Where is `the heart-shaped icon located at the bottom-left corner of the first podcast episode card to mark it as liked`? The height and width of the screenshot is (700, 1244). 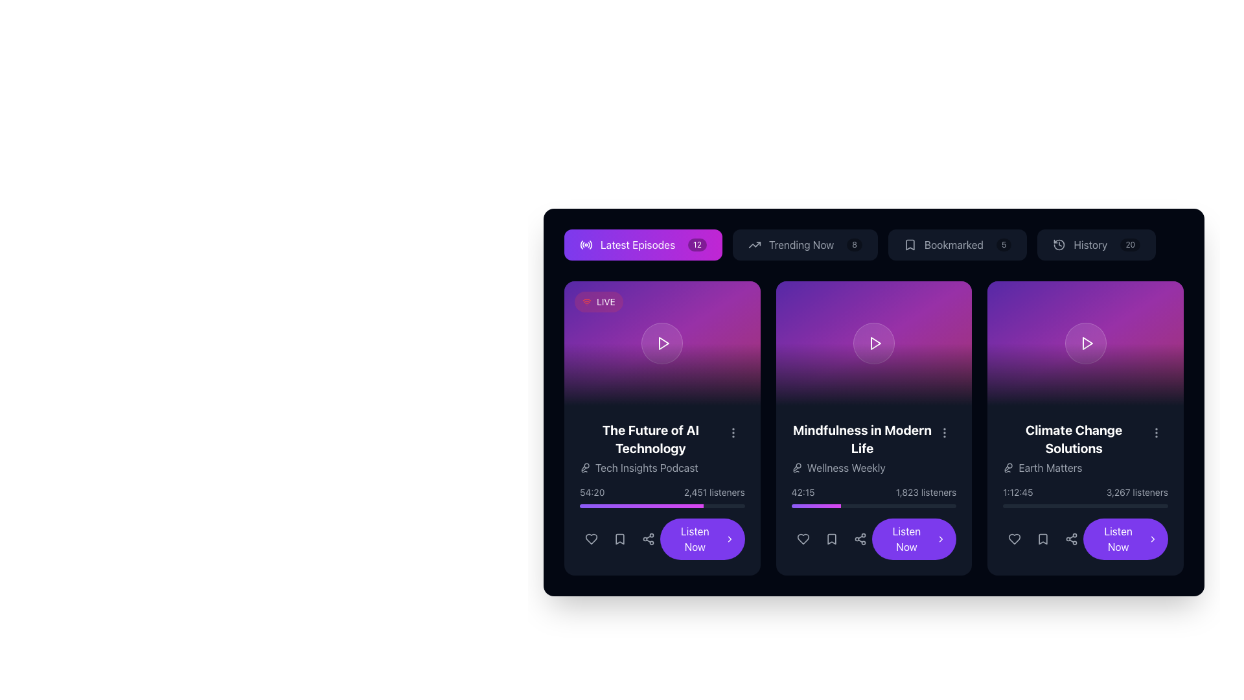
the heart-shaped icon located at the bottom-left corner of the first podcast episode card to mark it as liked is located at coordinates (590, 539).